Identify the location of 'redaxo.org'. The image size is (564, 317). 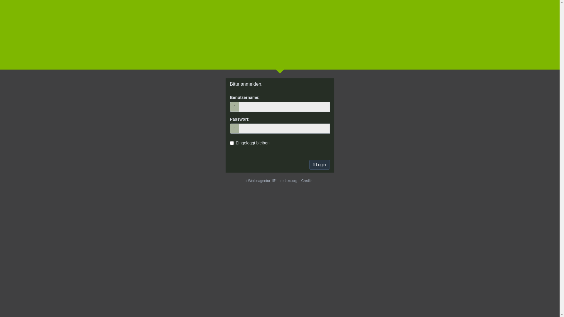
(289, 181).